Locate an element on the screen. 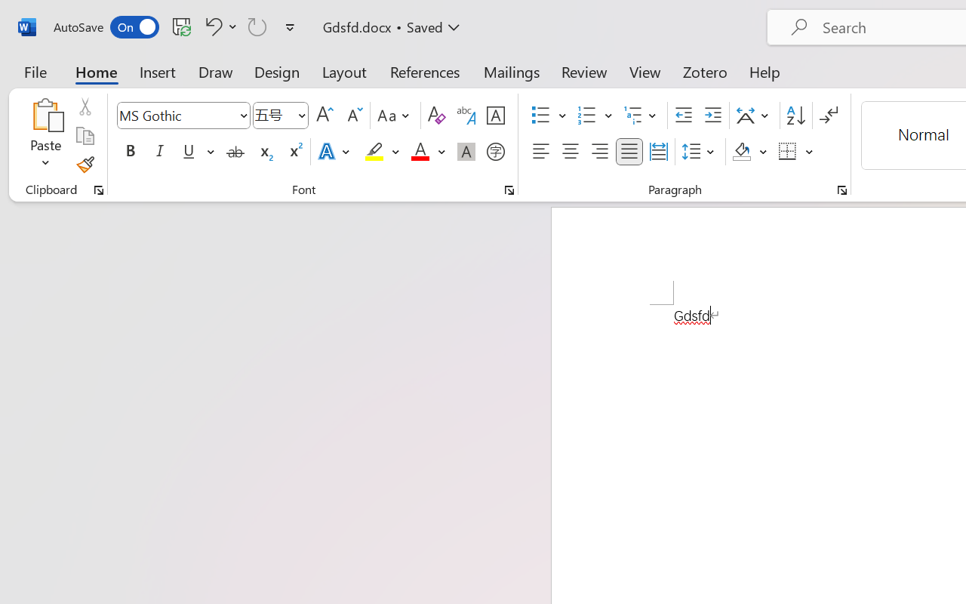 The height and width of the screenshot is (604, 966). 'Can' is located at coordinates (257, 26).